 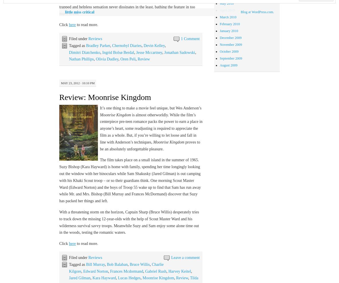 I want to click on 'March 2010', so click(x=228, y=16).